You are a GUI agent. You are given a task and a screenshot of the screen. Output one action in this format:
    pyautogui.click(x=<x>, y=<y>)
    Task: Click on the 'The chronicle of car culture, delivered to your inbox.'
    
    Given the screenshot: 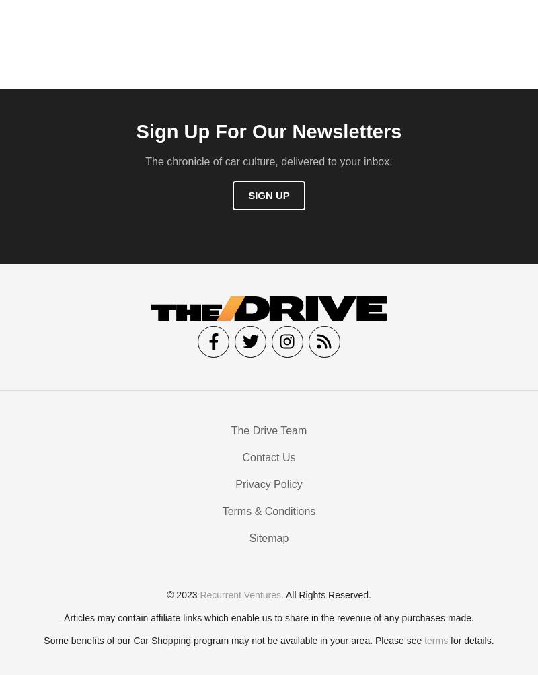 What is the action you would take?
    pyautogui.click(x=268, y=164)
    